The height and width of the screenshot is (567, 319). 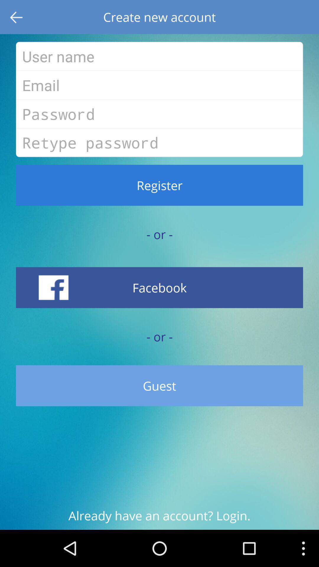 What do you see at coordinates (159, 85) in the screenshot?
I see `type email for new account` at bounding box center [159, 85].